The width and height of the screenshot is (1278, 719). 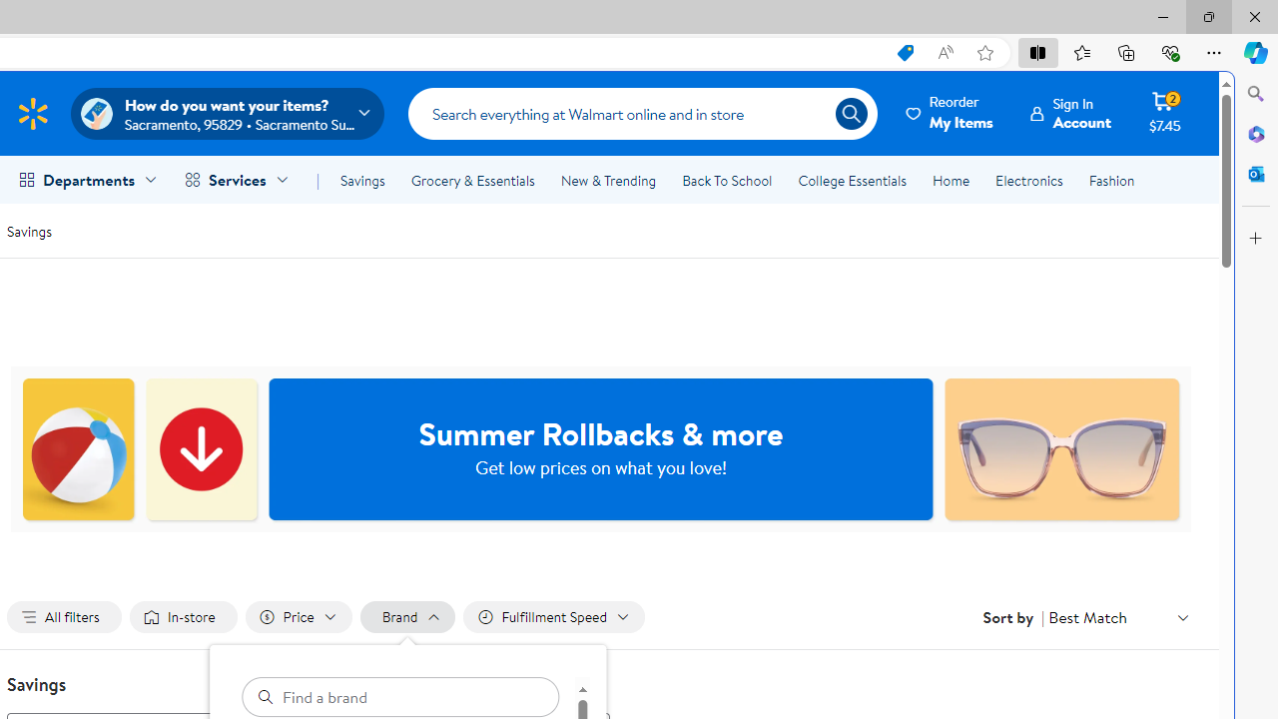 What do you see at coordinates (607, 181) in the screenshot?
I see `'New & Trending'` at bounding box center [607, 181].